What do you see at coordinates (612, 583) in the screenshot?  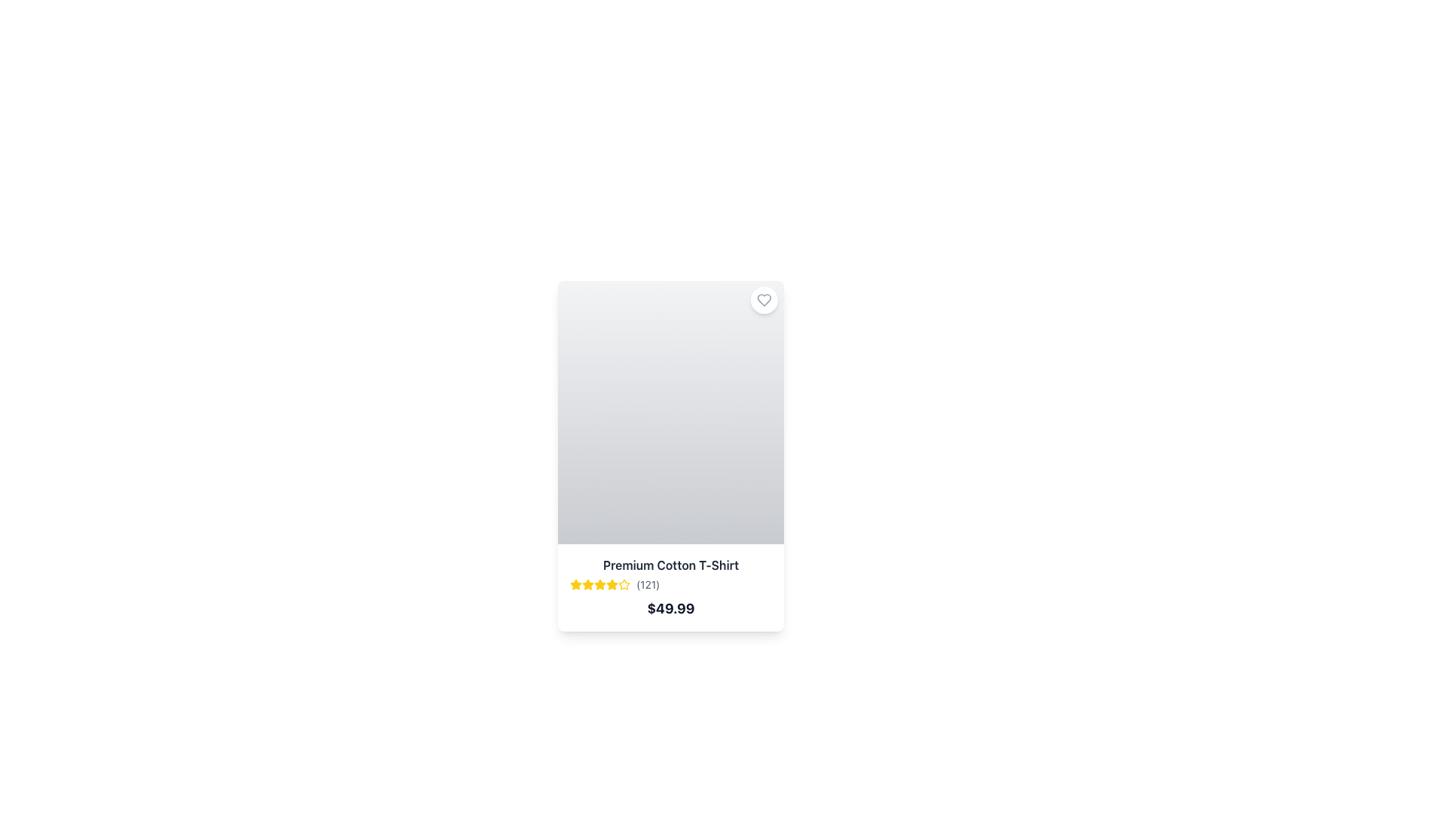 I see `the fourth rating star icon, which is part of the product's rating system located below the product image and above the product description` at bounding box center [612, 583].